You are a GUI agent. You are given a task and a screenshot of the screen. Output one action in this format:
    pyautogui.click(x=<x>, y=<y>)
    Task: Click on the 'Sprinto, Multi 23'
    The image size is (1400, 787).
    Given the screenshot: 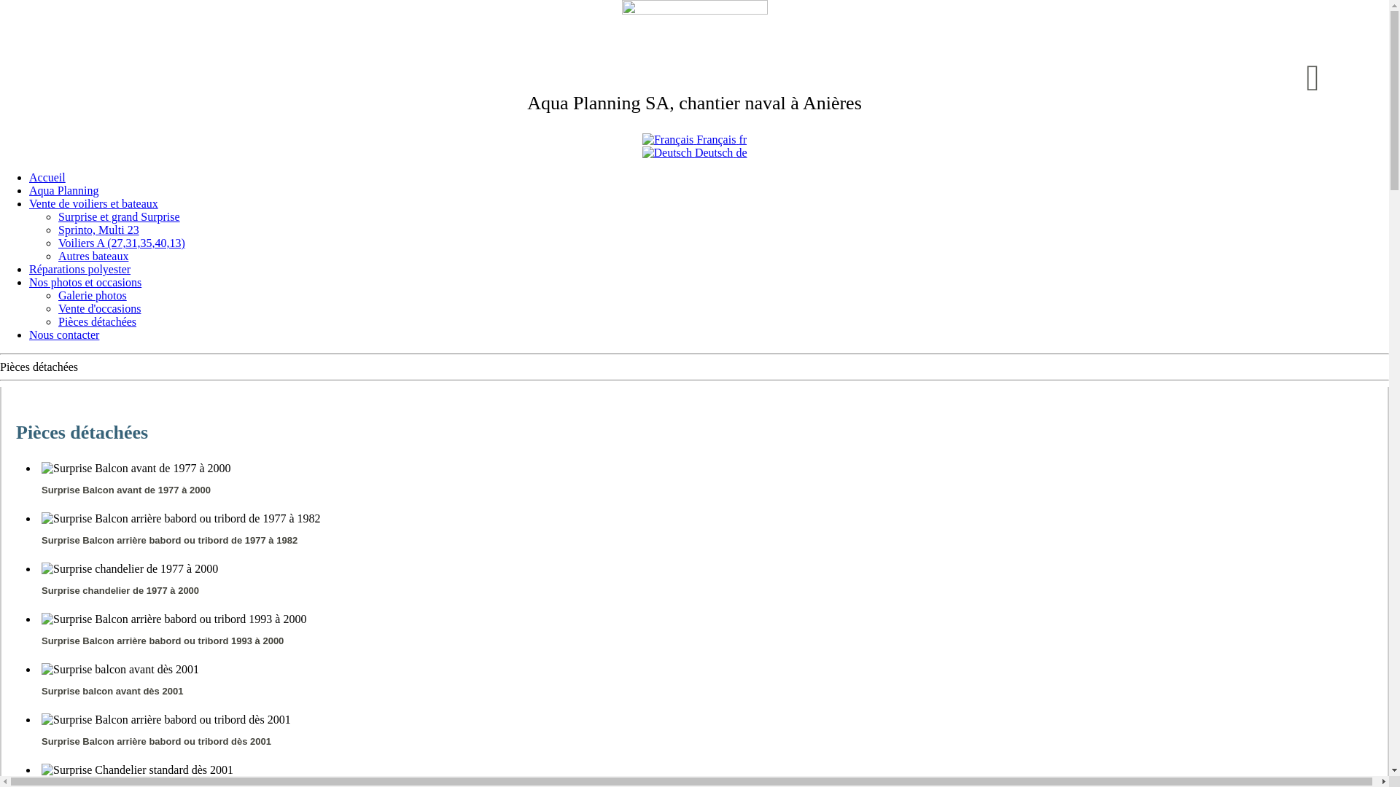 What is the action you would take?
    pyautogui.click(x=98, y=230)
    